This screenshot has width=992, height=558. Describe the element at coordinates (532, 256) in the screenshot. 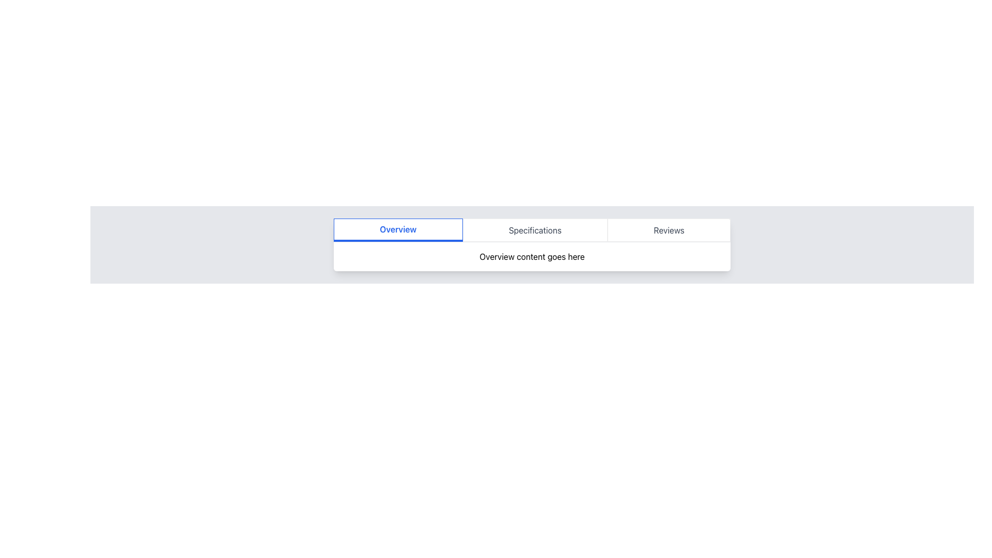

I see `the text block containing 'Overview content goes here', positioned below the navigation tabs labeled 'Overview', 'Specifications', and 'Reviews'` at that location.